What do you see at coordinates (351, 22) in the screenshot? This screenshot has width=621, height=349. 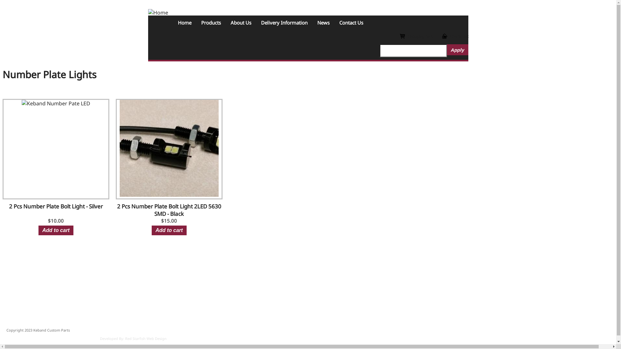 I see `'Contact Us'` at bounding box center [351, 22].